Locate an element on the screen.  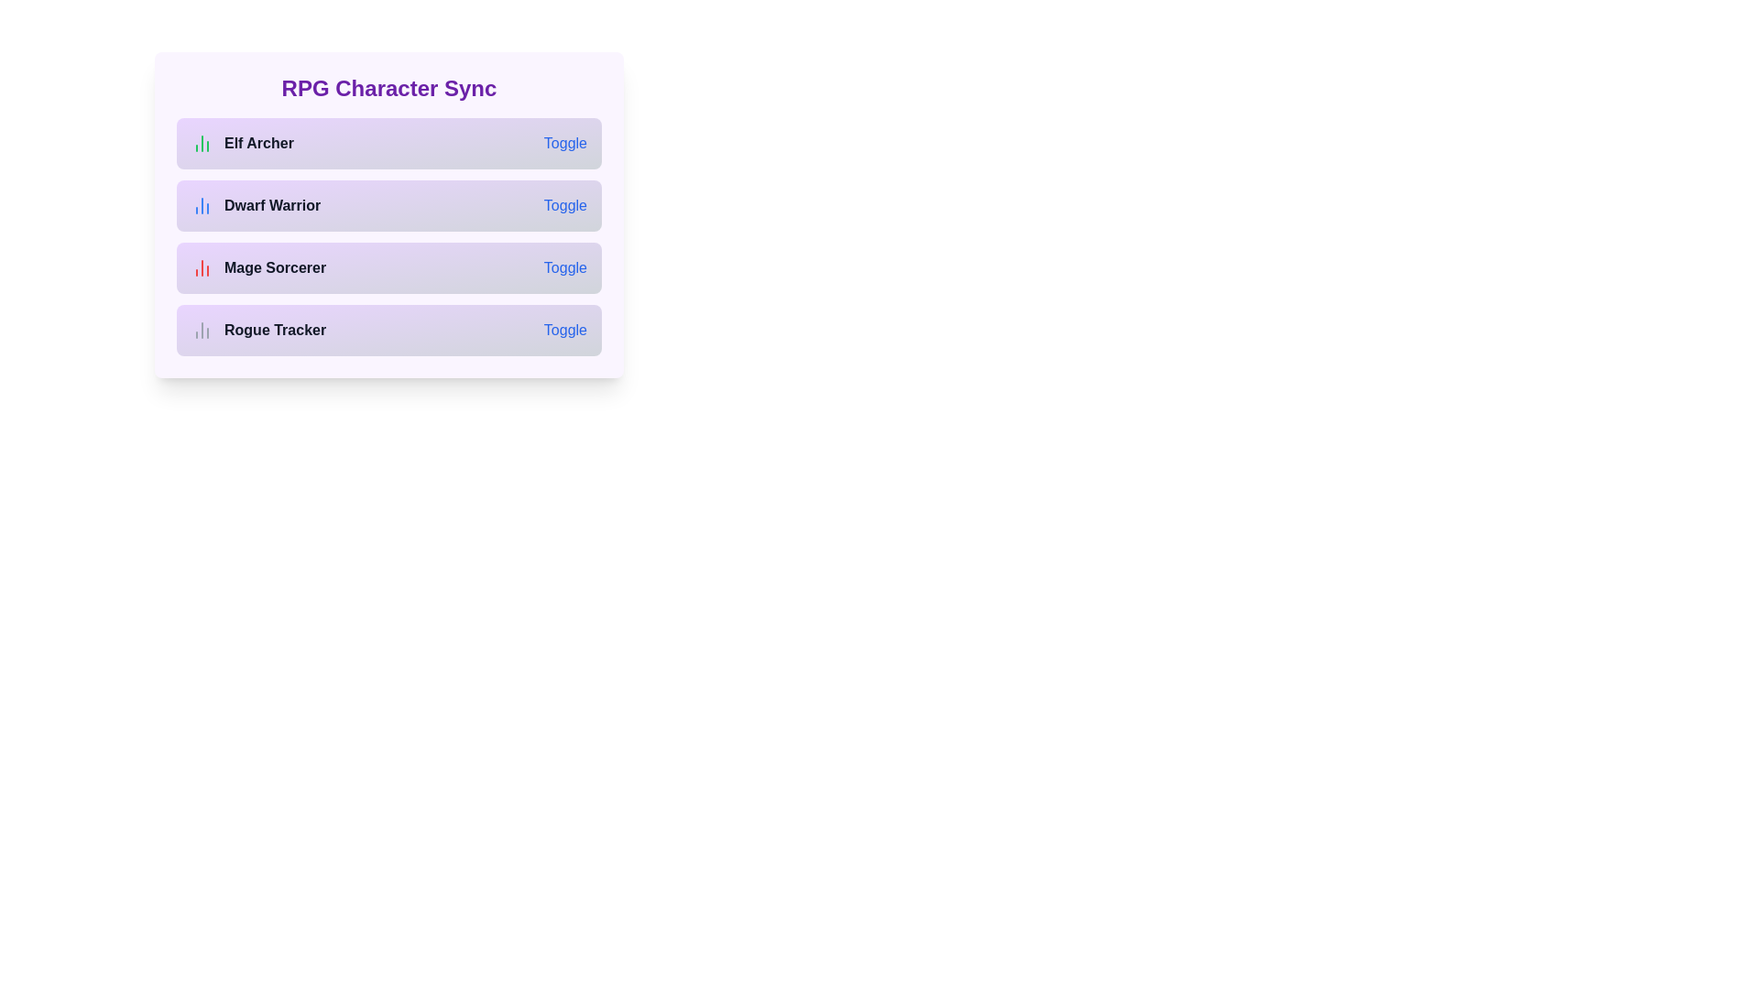
the 'Dwarf Warrior' text element with a blue chart icon is located at coordinates (255, 205).